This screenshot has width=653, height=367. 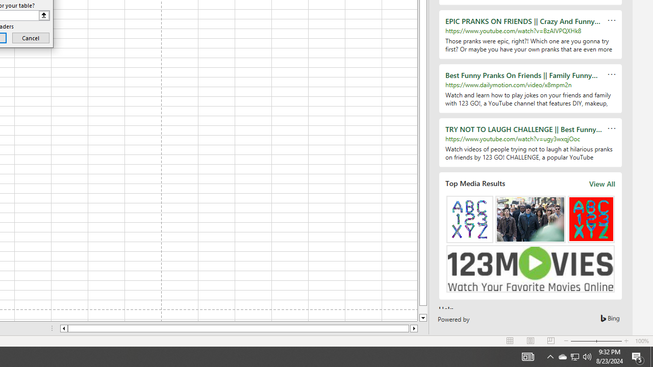 I want to click on 'User Promoted Notification Area', so click(x=575, y=356).